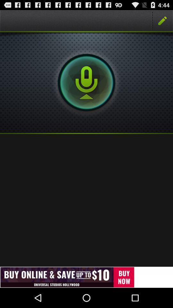 The width and height of the screenshot is (173, 308). What do you see at coordinates (86, 277) in the screenshot?
I see `item at the bottom` at bounding box center [86, 277].